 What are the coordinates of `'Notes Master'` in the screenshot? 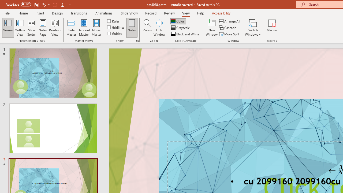 It's located at (96, 28).